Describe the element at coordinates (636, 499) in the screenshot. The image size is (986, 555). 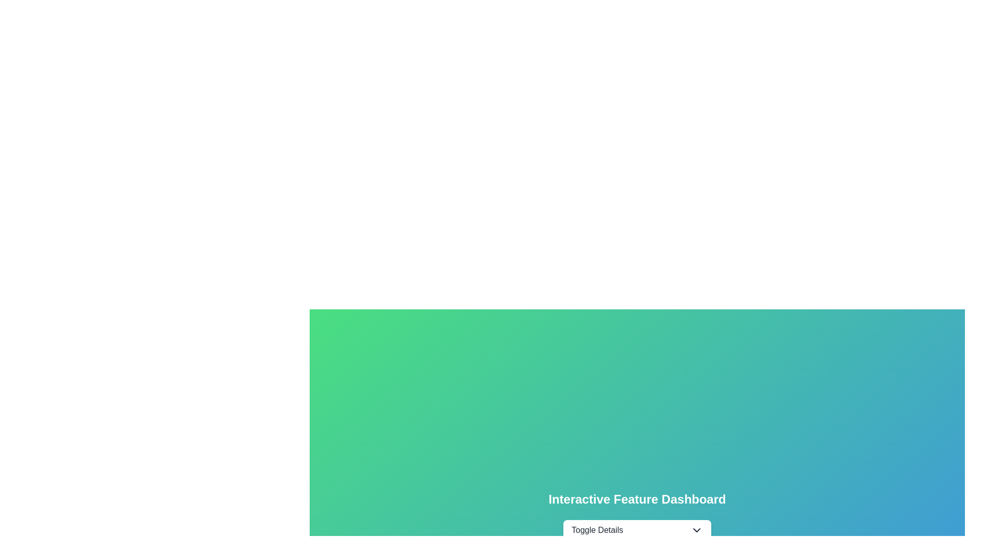
I see `the text label that reads 'Interactive Feature Dashboard'` at that location.